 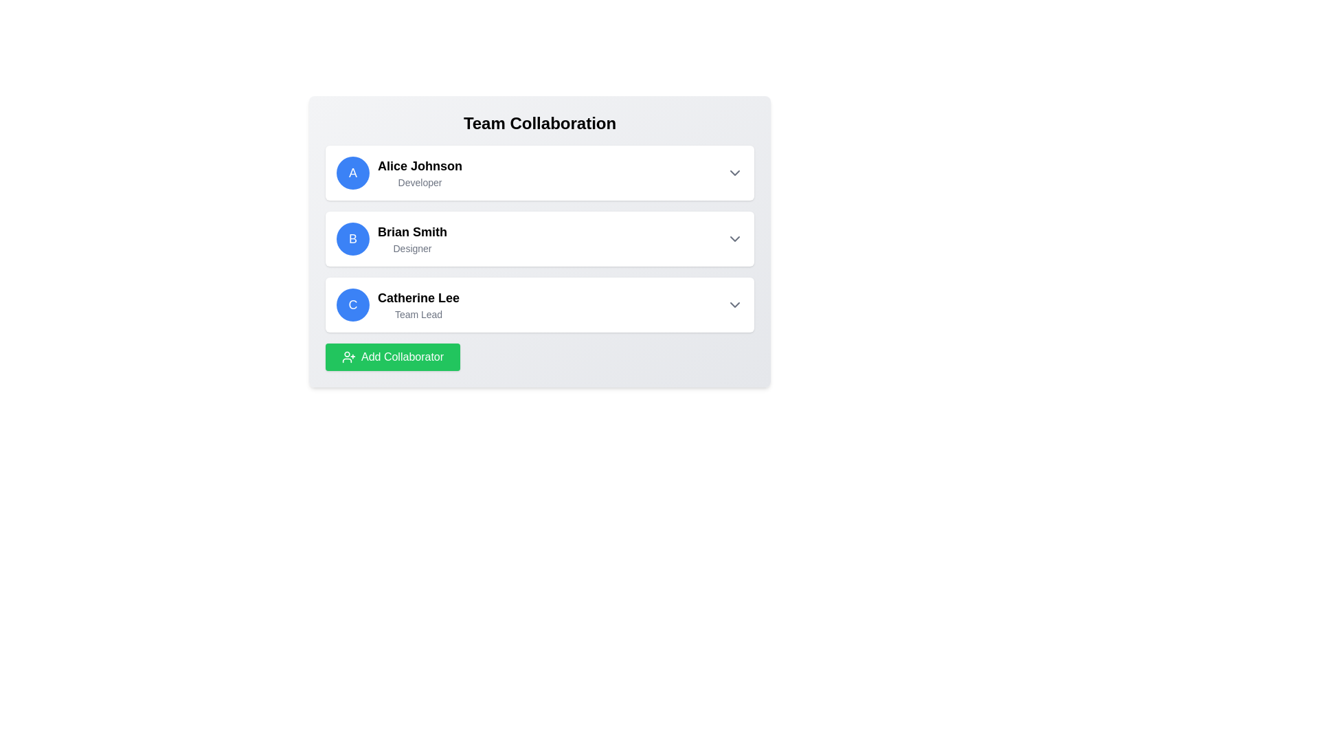 What do you see at coordinates (734, 172) in the screenshot?
I see `the dropdown toggle icon to the far right of the 'Alice Johnson Developer' section in the 'Team Collaboration' card` at bounding box center [734, 172].